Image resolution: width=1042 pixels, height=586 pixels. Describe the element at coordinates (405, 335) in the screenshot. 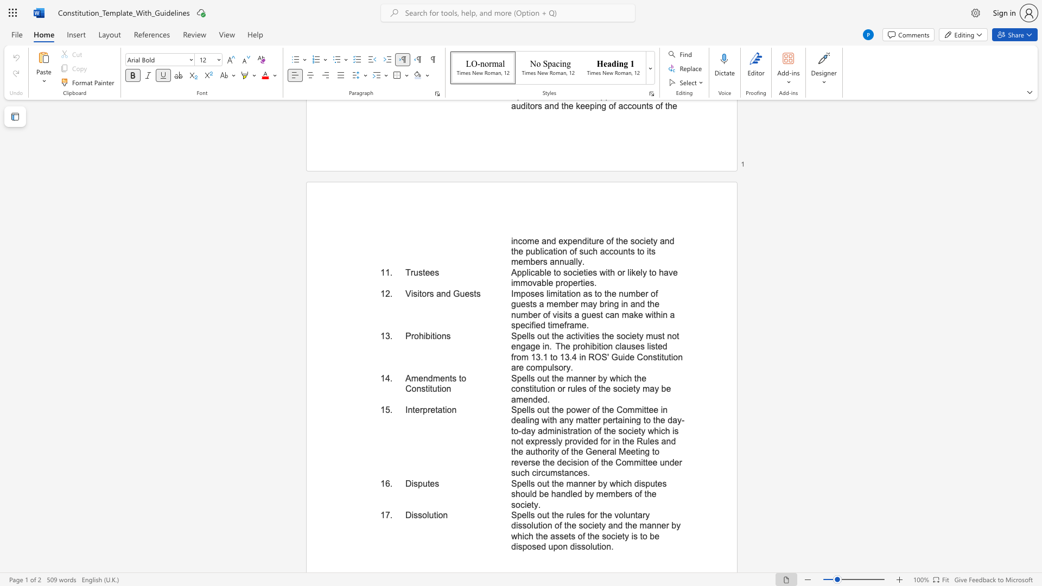

I see `the subset text "Pro" within the text "Prohibitions"` at that location.